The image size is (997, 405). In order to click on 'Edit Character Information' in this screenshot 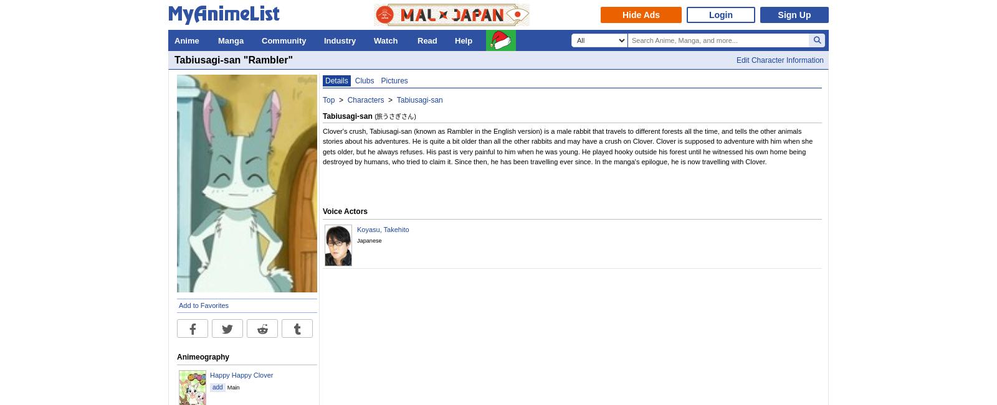, I will do `click(779, 59)`.